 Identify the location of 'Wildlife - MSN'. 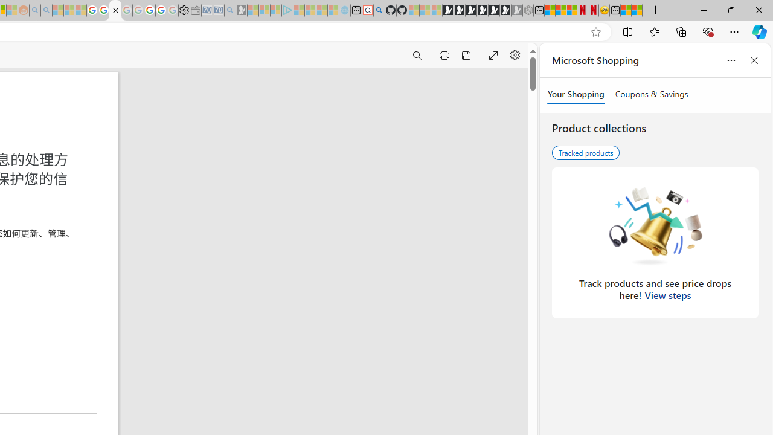
(626, 10).